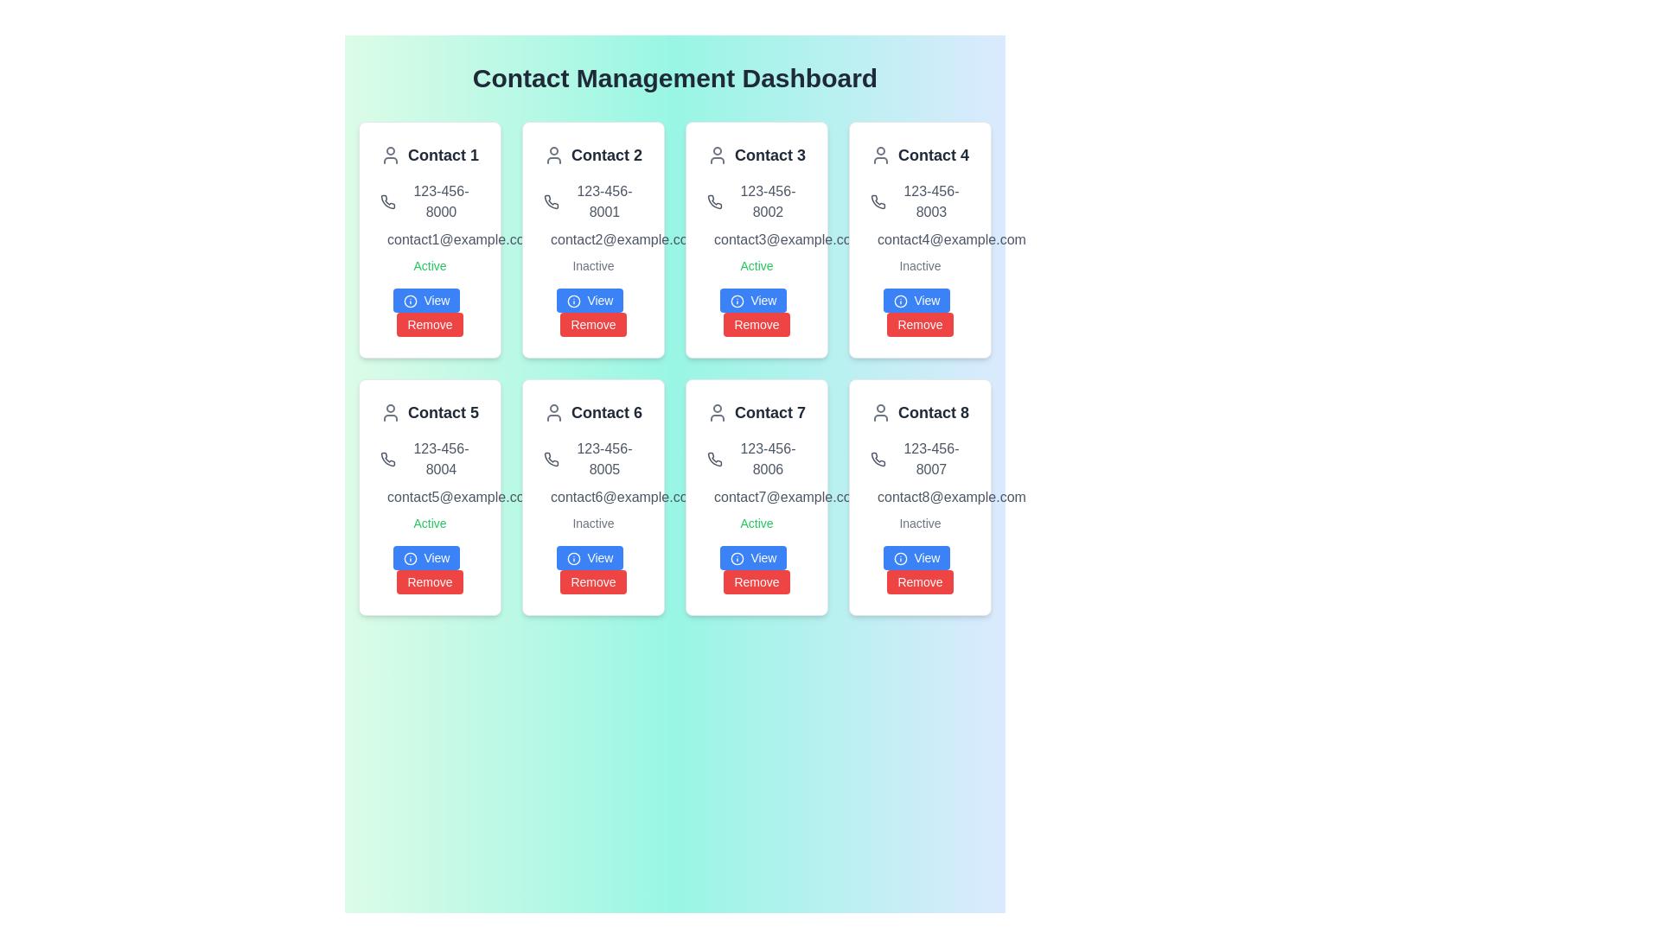 Image resolution: width=1660 pixels, height=933 pixels. What do you see at coordinates (878, 459) in the screenshot?
I see `the phone icon located in the bottom-right corner of the 'Contact 8' card, which serves as an interactive element for the contact's phone number` at bounding box center [878, 459].